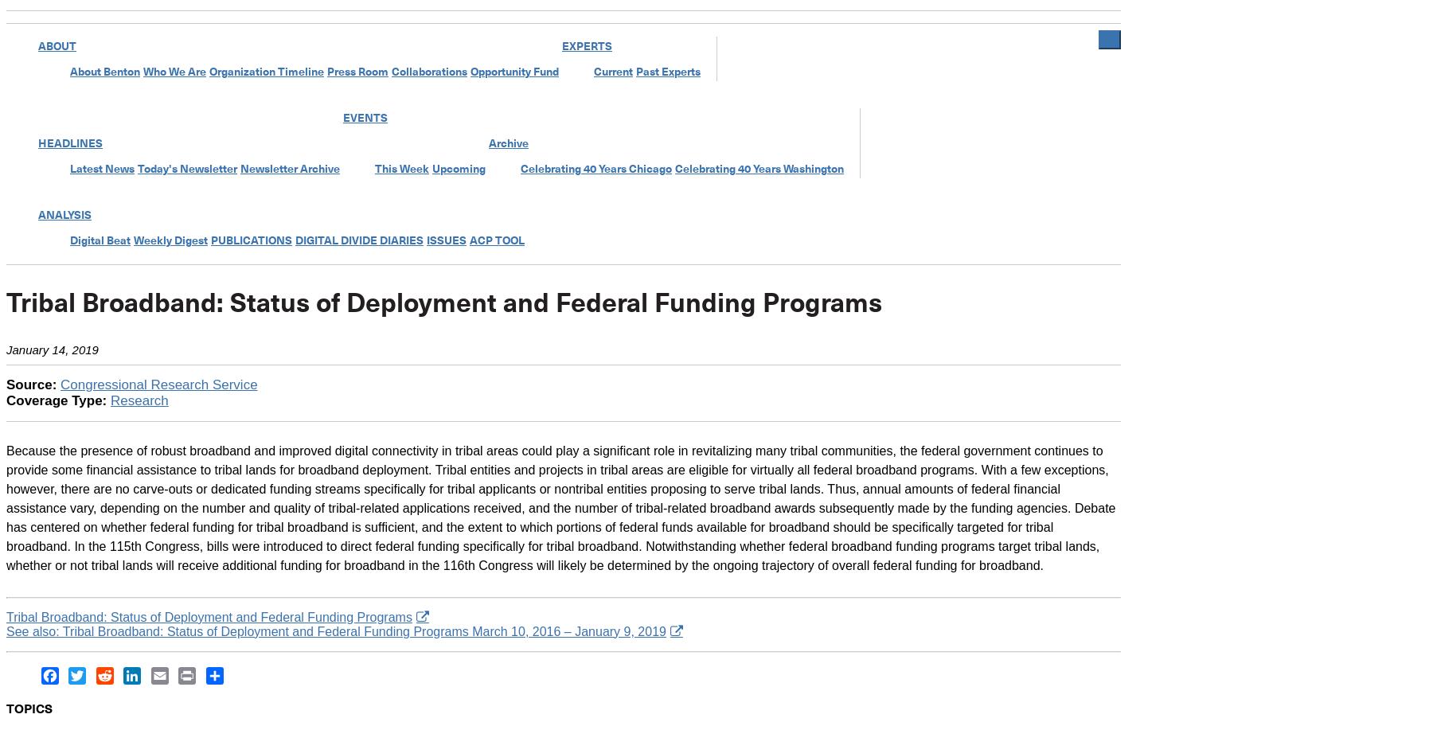  What do you see at coordinates (32, 383) in the screenshot?
I see `'Source:'` at bounding box center [32, 383].